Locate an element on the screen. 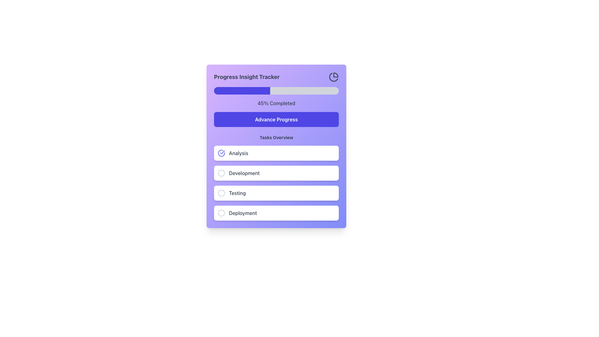  the 'Deployment' button located in the 'Tasks Overview' section is located at coordinates (276, 212).